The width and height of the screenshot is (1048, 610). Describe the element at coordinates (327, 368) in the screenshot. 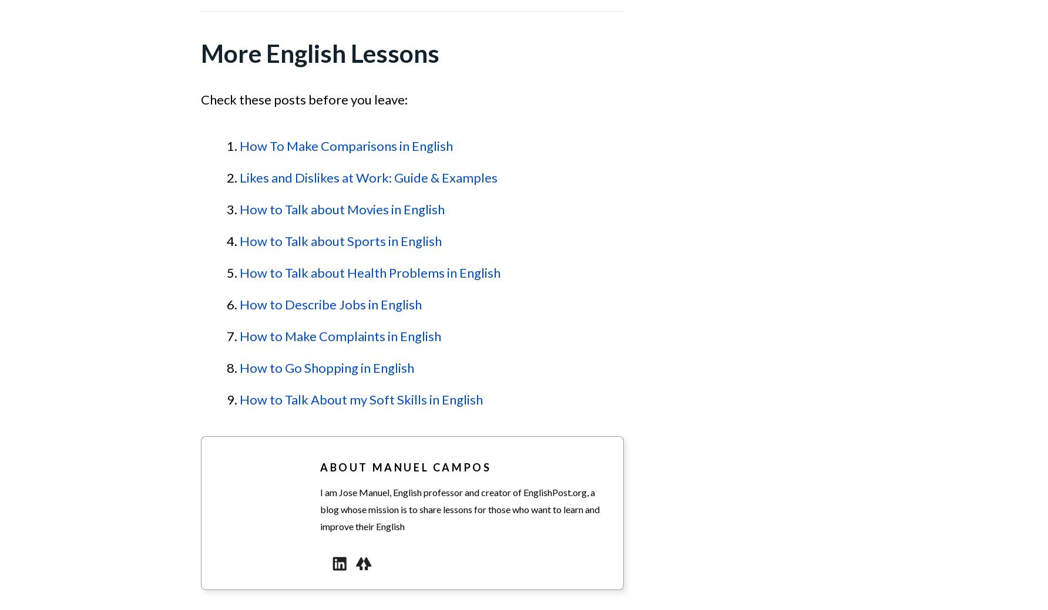

I see `'How to Go Shopping in English'` at that location.